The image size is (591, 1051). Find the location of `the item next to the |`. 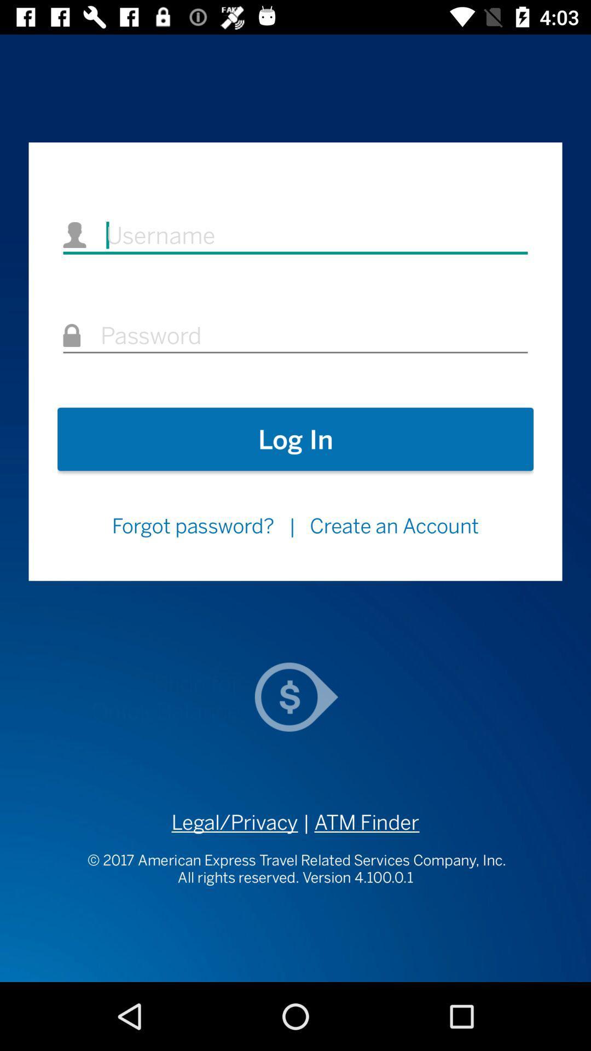

the item next to the | is located at coordinates (192, 525).